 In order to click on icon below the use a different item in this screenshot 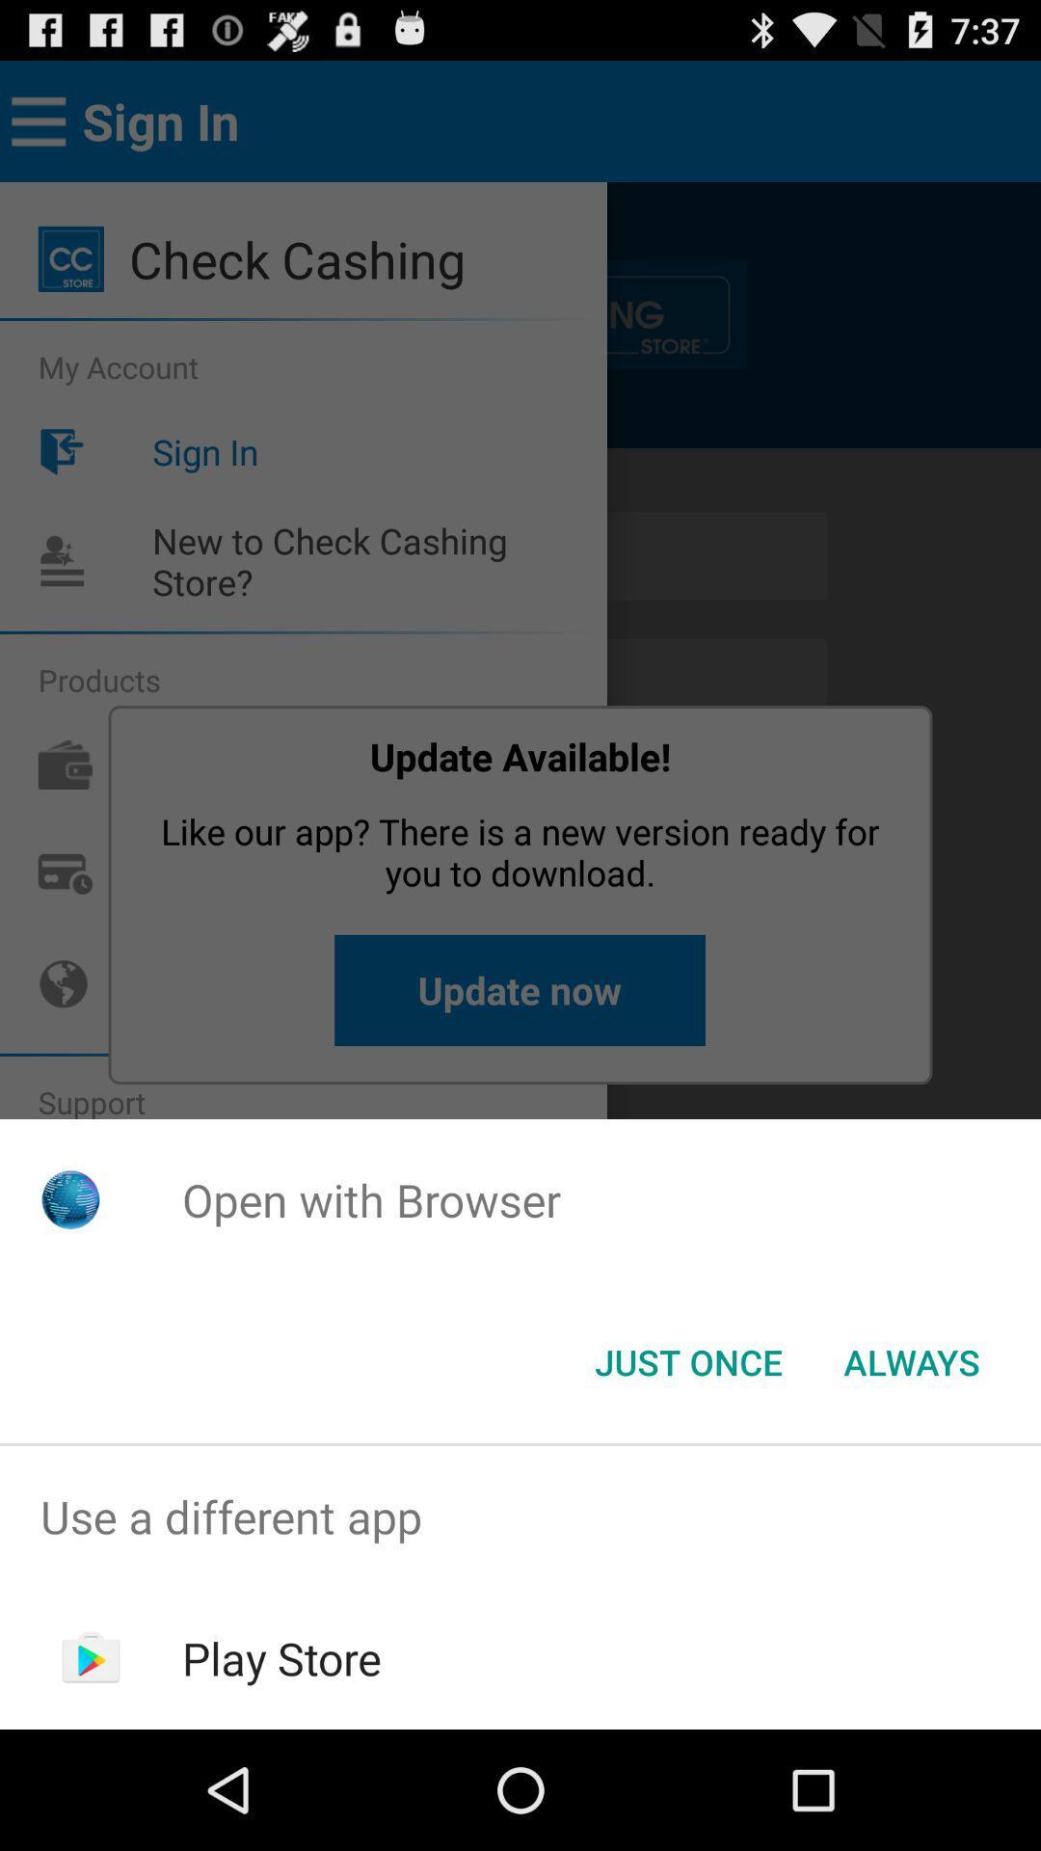, I will do `click(281, 1657)`.